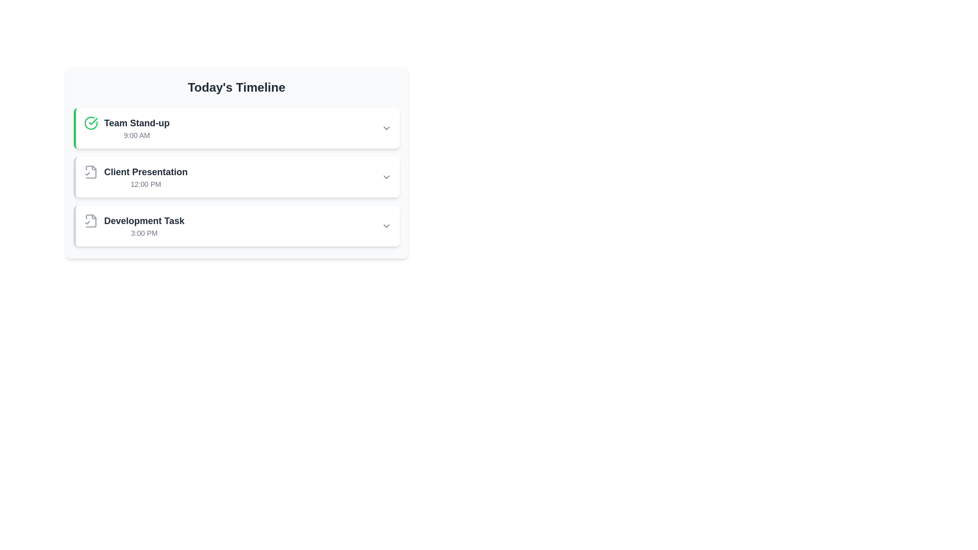 This screenshot has height=550, width=978. What do you see at coordinates (91, 172) in the screenshot?
I see `the gray line-based icon representing the document outline, which is the leftmost component of the 'Development Task' row in the timeline, positioned above the task name` at bounding box center [91, 172].